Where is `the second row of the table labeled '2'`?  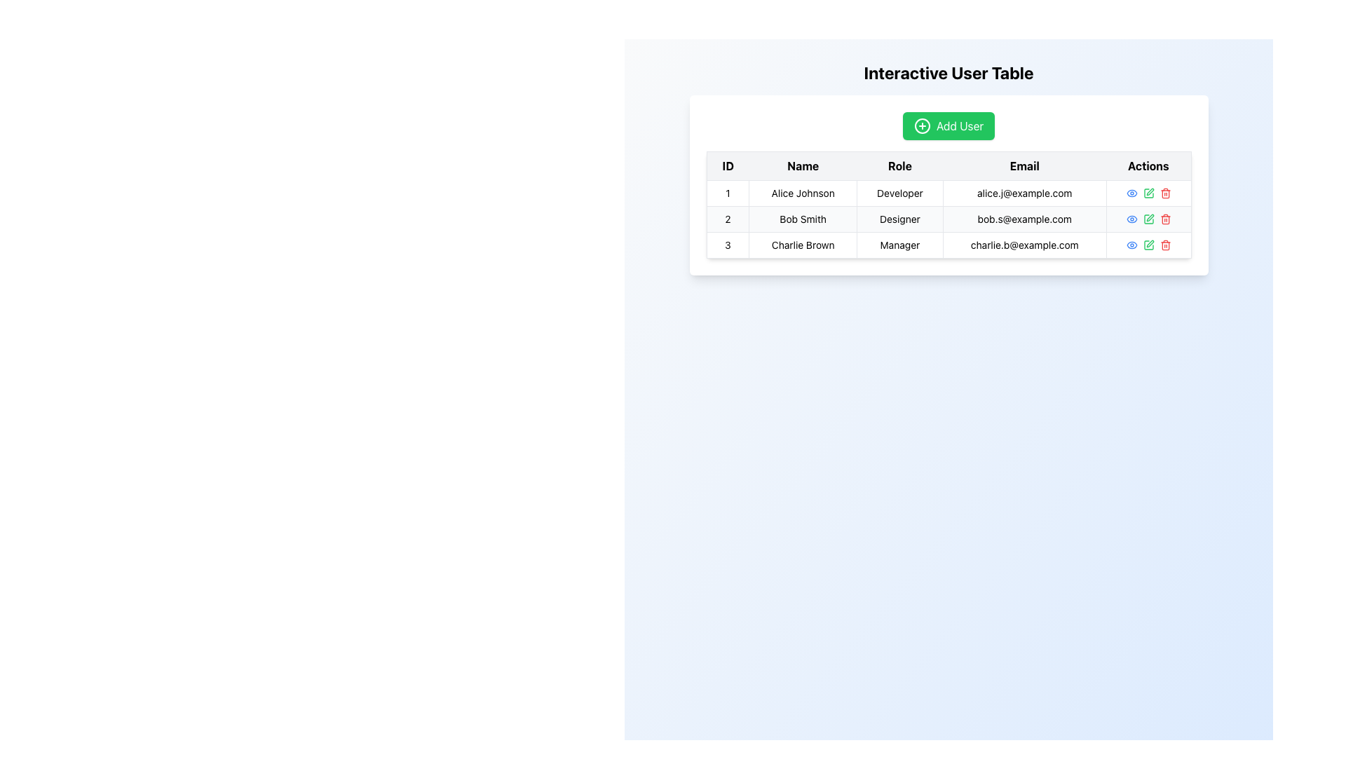 the second row of the table labeled '2' is located at coordinates (949, 219).